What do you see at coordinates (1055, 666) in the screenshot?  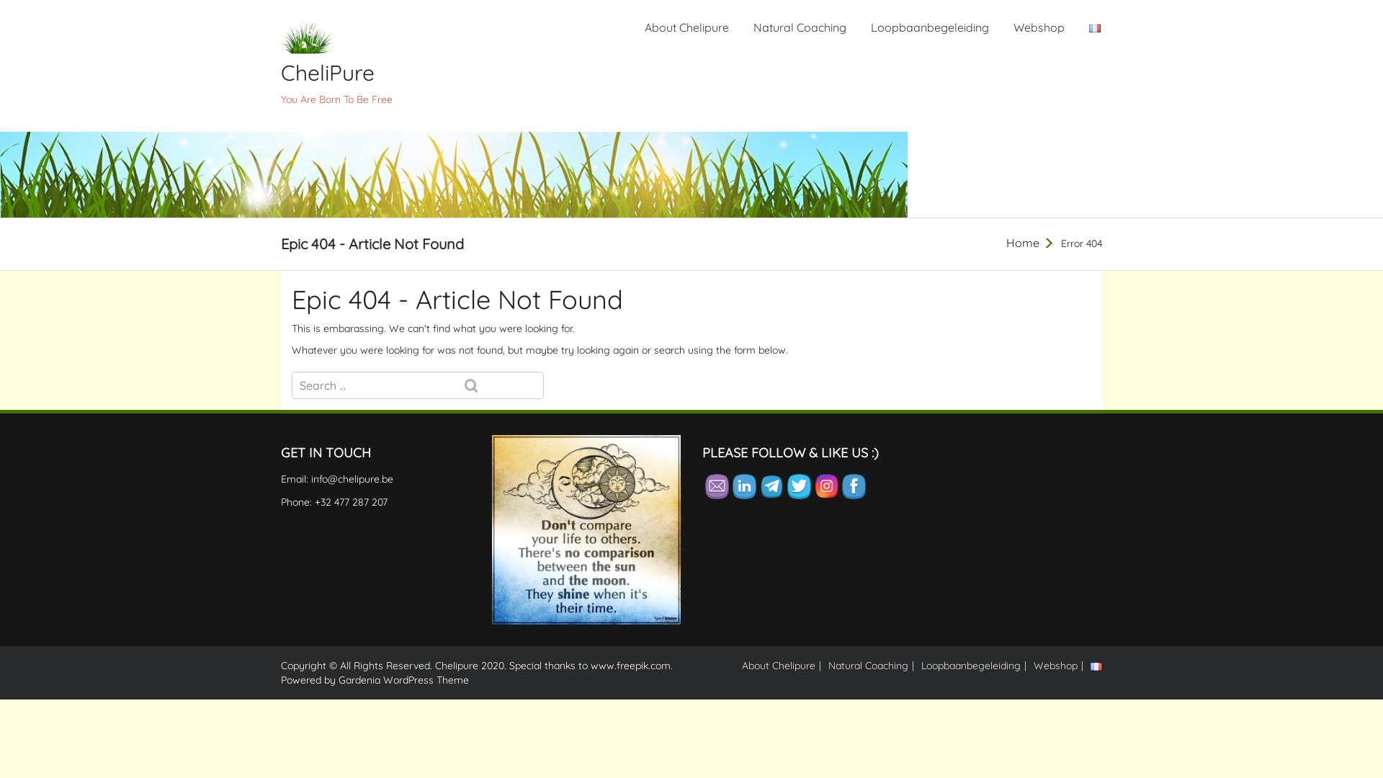 I see `'Webshop'` at bounding box center [1055, 666].